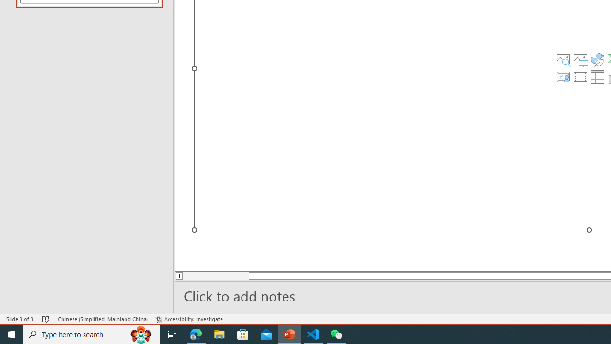  Describe the element at coordinates (45, 319) in the screenshot. I see `'Spell Check No Errors'` at that location.